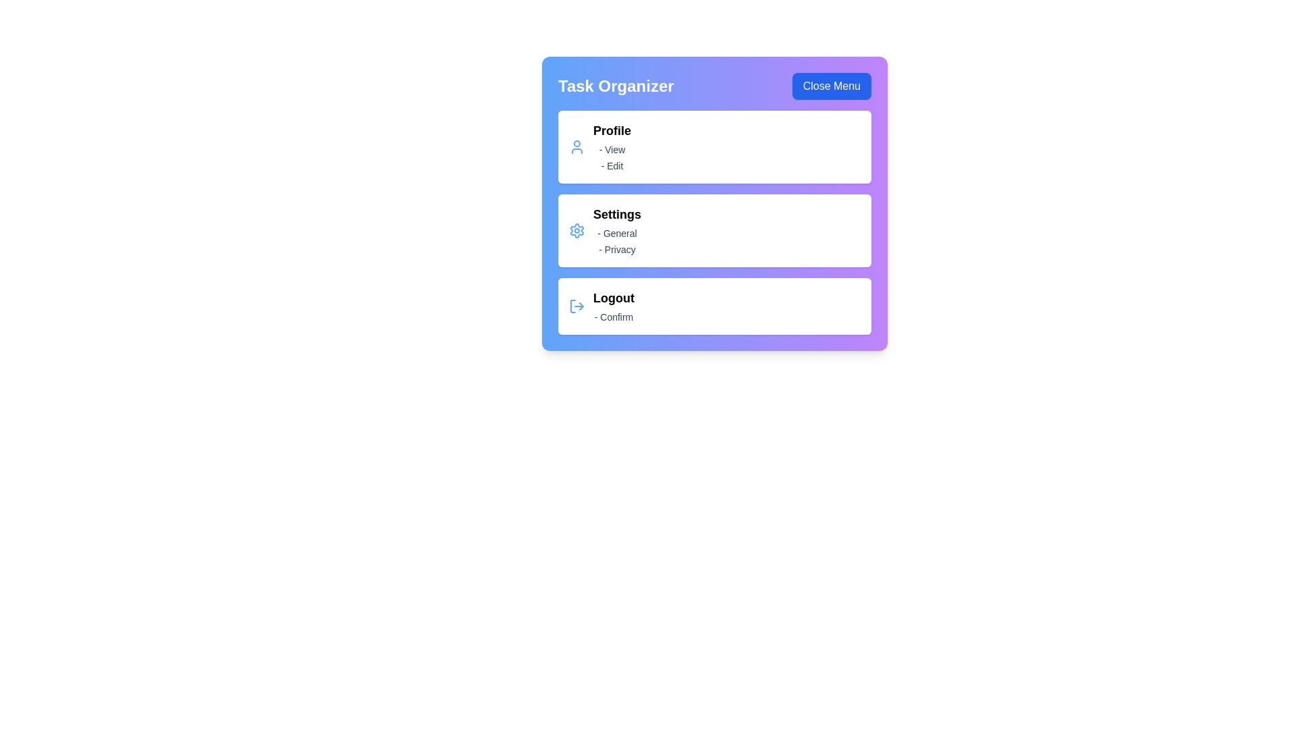 The height and width of the screenshot is (729, 1296). Describe the element at coordinates (714, 230) in the screenshot. I see `the menu item Settings by clicking on it` at that location.